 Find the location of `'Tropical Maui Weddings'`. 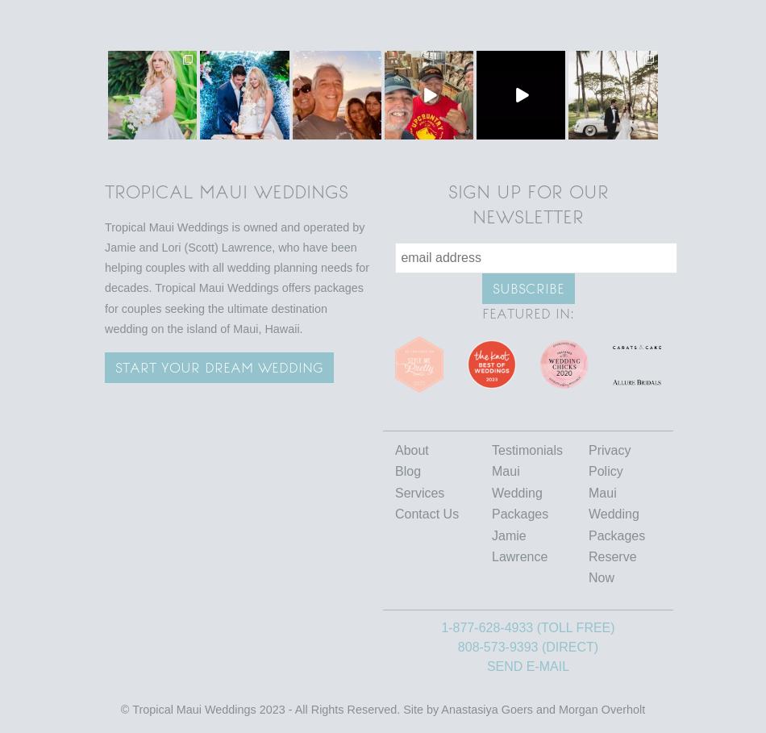

'Tropical Maui Weddings' is located at coordinates (226, 190).